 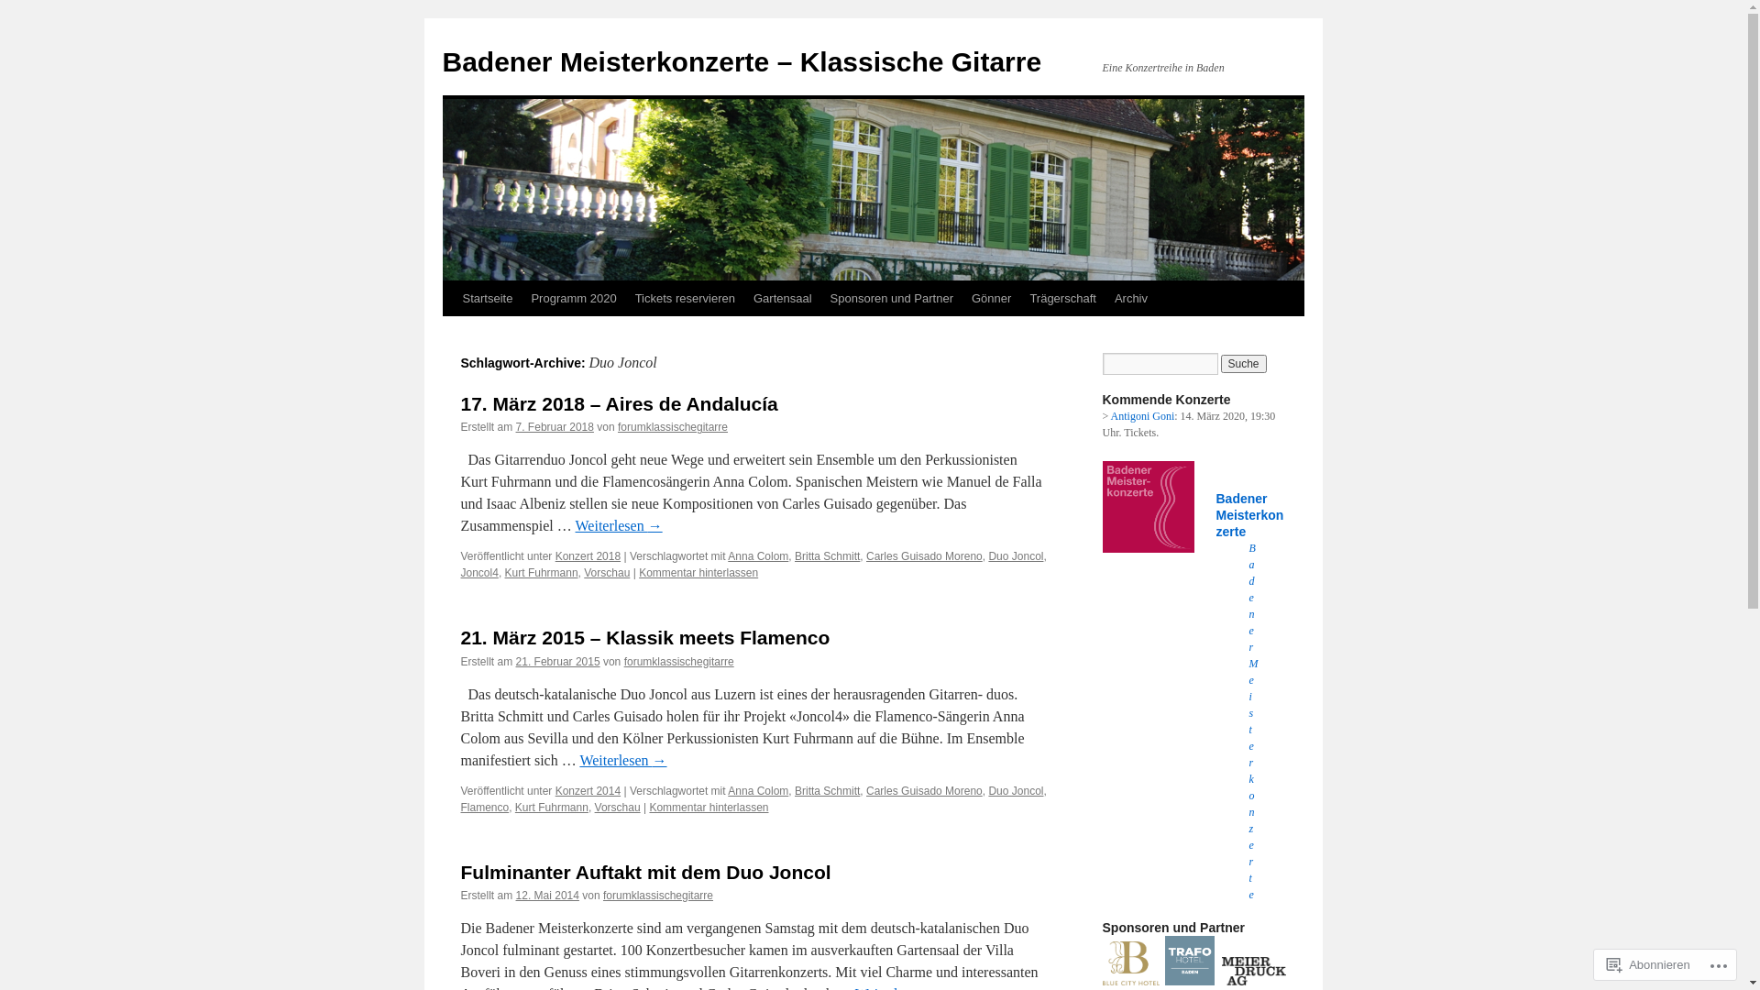 I want to click on '21. Februar 2015', so click(x=557, y=661).